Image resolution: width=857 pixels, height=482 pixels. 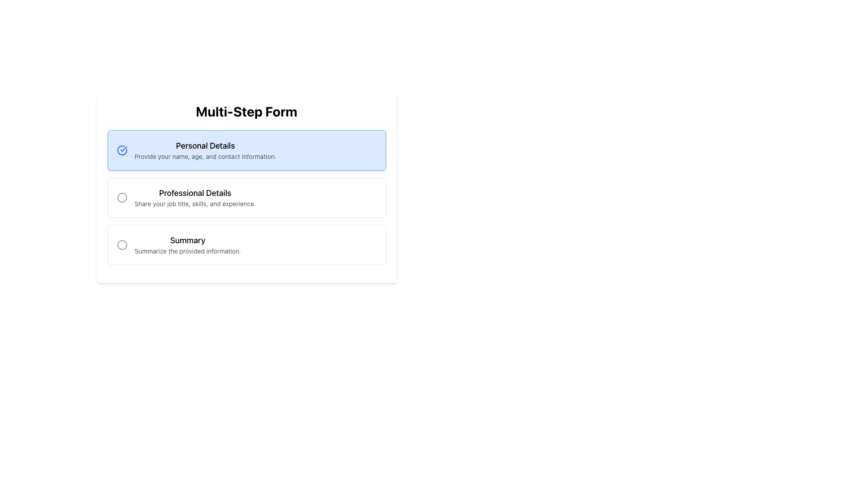 What do you see at coordinates (121, 197) in the screenshot?
I see `the inner circle of the second option in the multi-step process, located to the left of the label 'Professional Details'` at bounding box center [121, 197].